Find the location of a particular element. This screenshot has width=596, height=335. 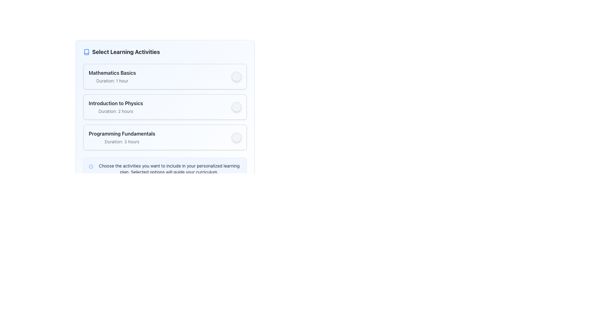

the first list item with the checkbox labeled 'Mathematics Basics' to trigger the visual hover effect is located at coordinates (165, 76).